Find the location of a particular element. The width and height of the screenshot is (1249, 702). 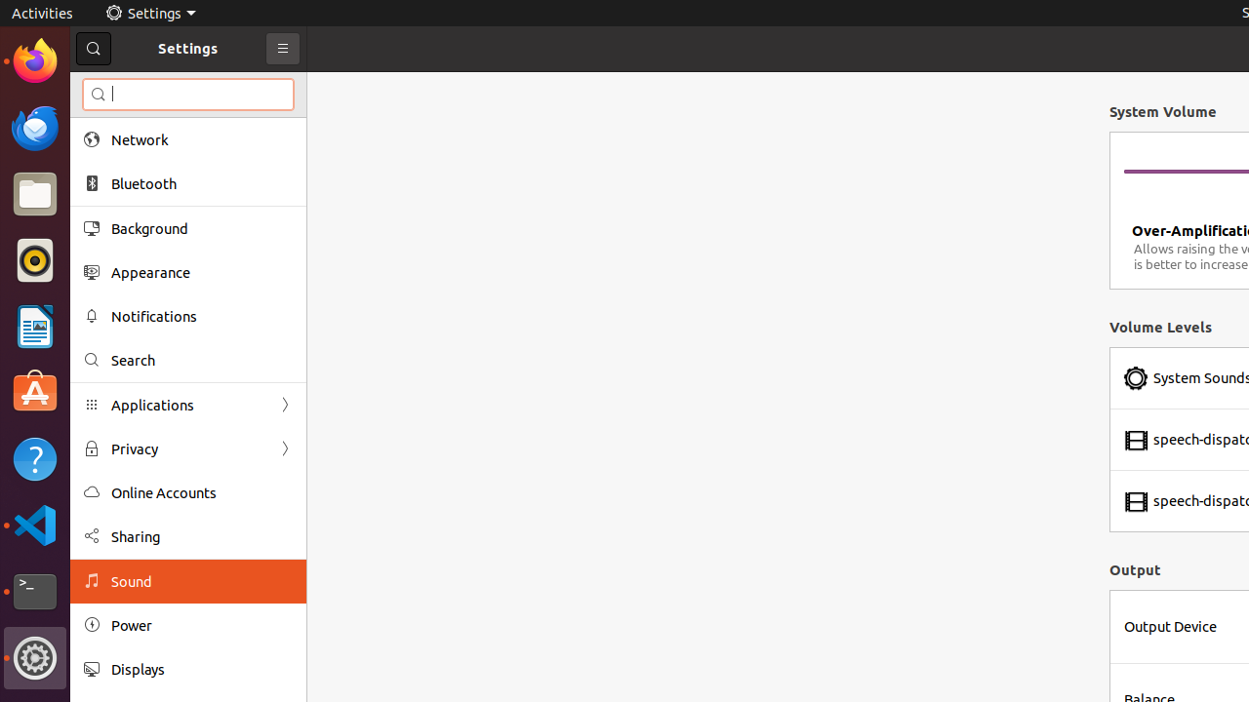

'Primary Menu' is located at coordinates (282, 47).